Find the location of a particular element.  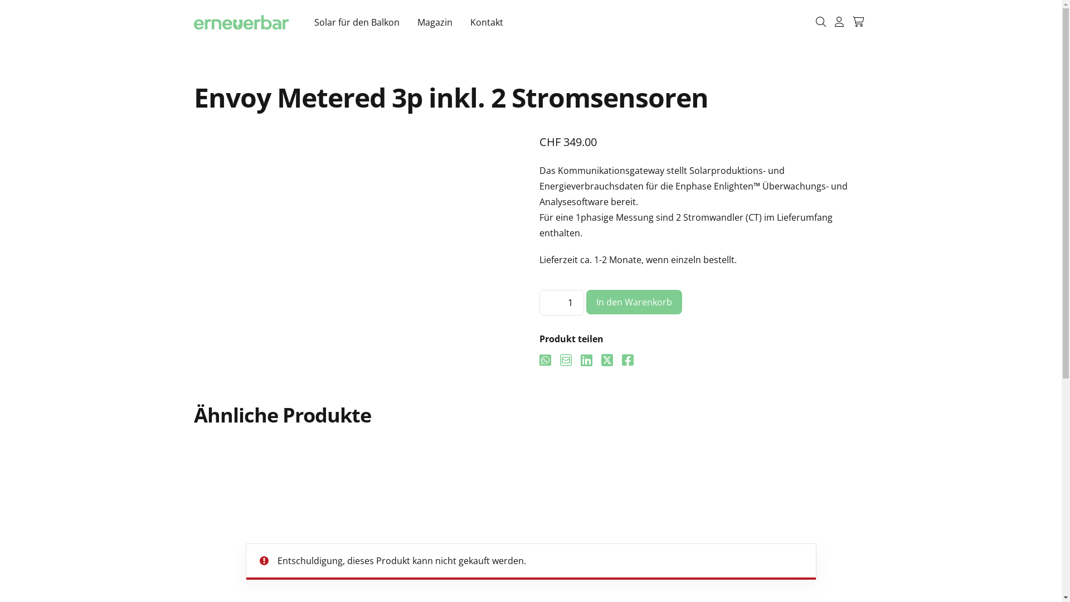

'Kontakt' is located at coordinates (487, 22).